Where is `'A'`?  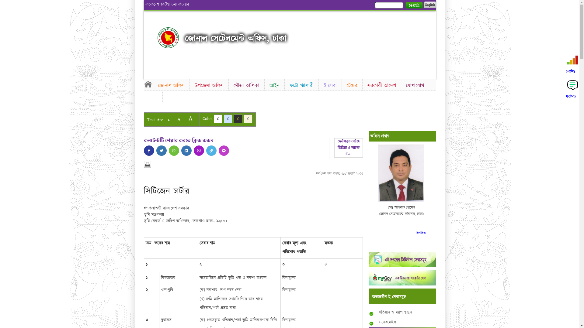 'A' is located at coordinates (168, 120).